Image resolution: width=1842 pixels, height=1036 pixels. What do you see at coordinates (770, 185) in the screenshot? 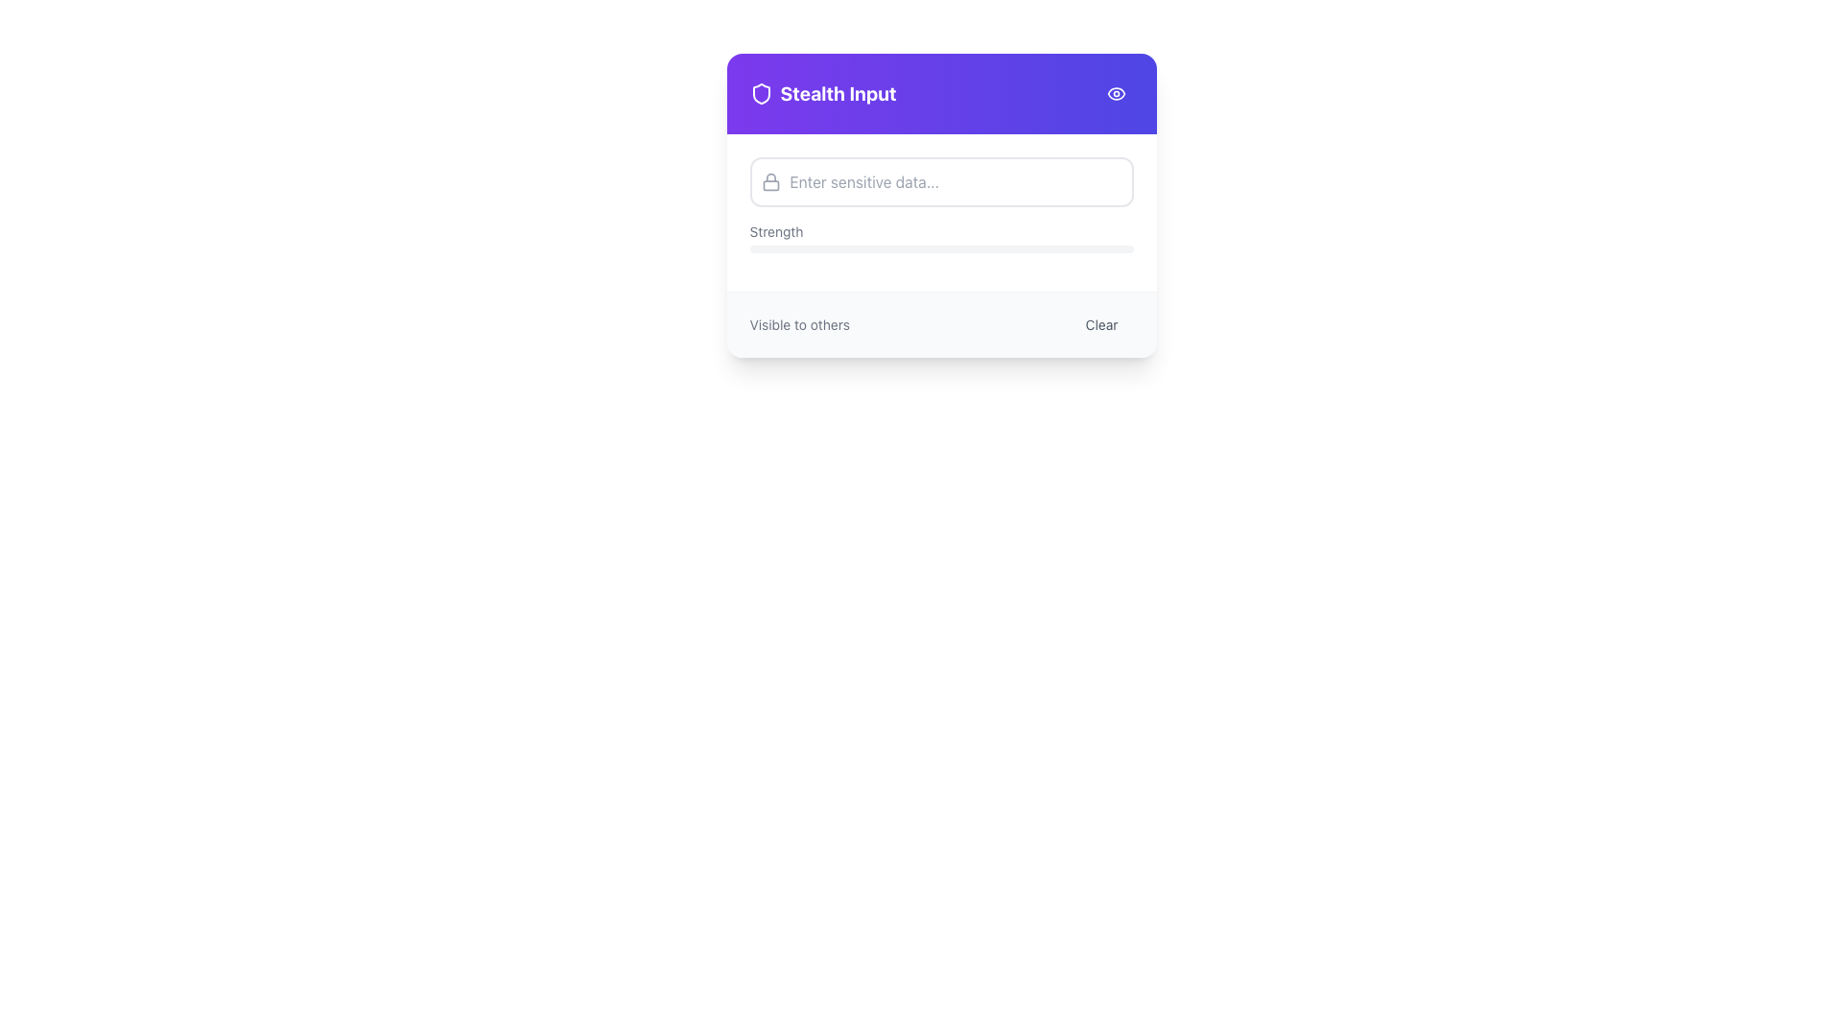
I see `the lock icon component which resembles a lock's shackle and is positioned to the left of the placeholder text 'Enter sensitive data...' inside the input field` at bounding box center [770, 185].